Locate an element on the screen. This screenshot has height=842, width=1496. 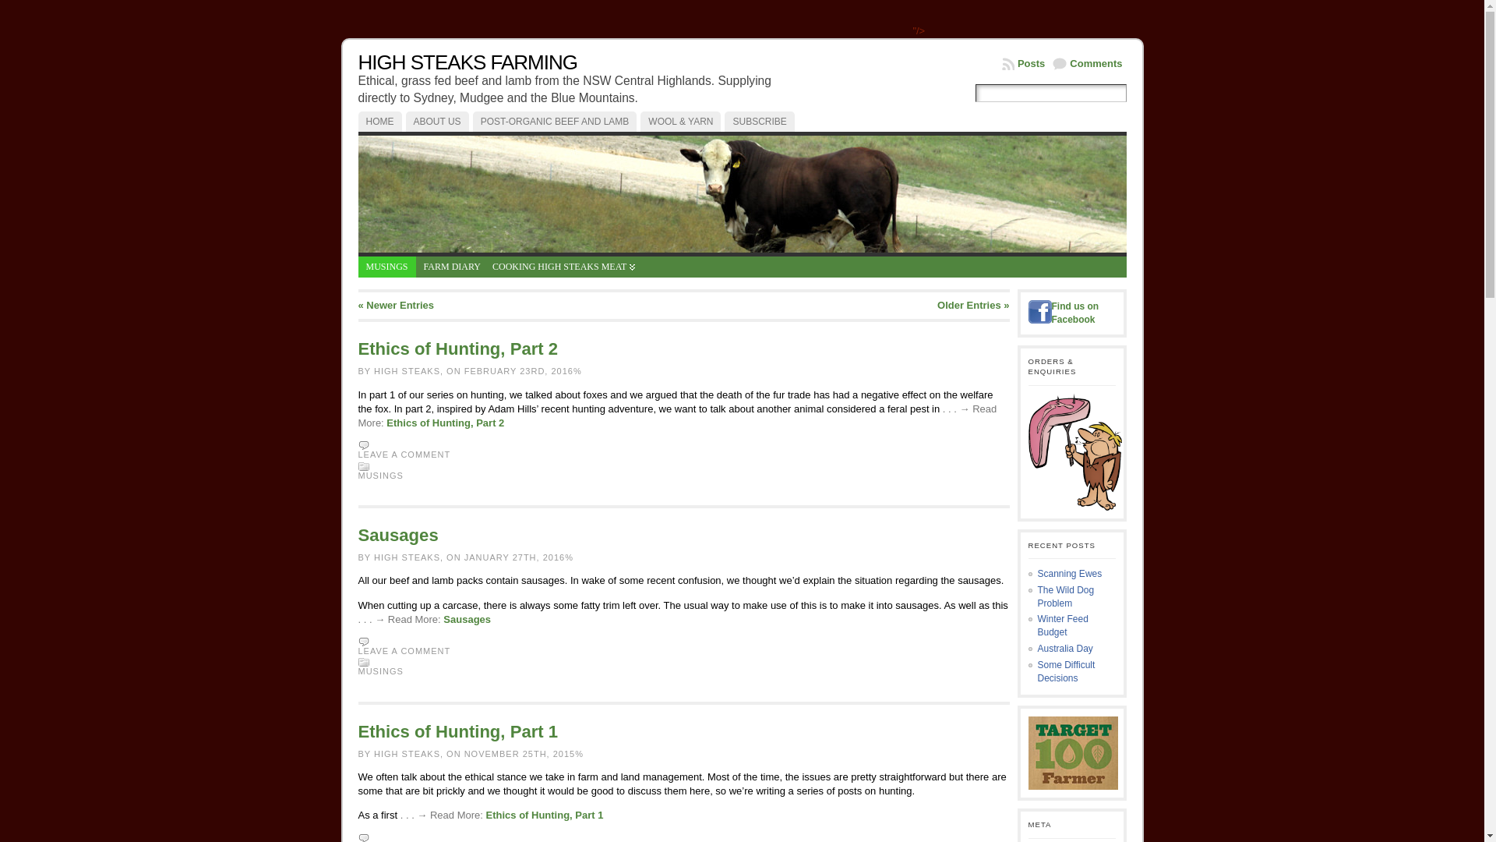
'POST-ORGANIC BEEF AND LAMB' is located at coordinates (471, 120).